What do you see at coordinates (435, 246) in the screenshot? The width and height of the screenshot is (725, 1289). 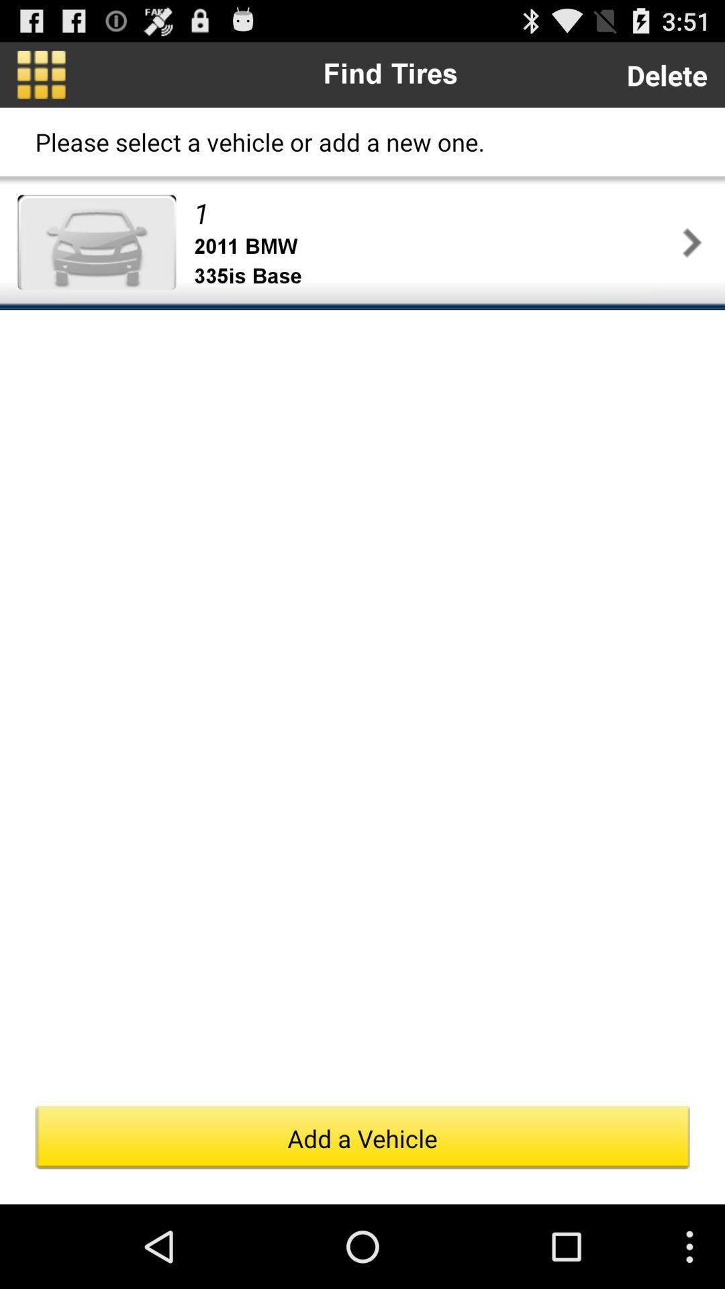 I see `icon above the 335is base item` at bounding box center [435, 246].